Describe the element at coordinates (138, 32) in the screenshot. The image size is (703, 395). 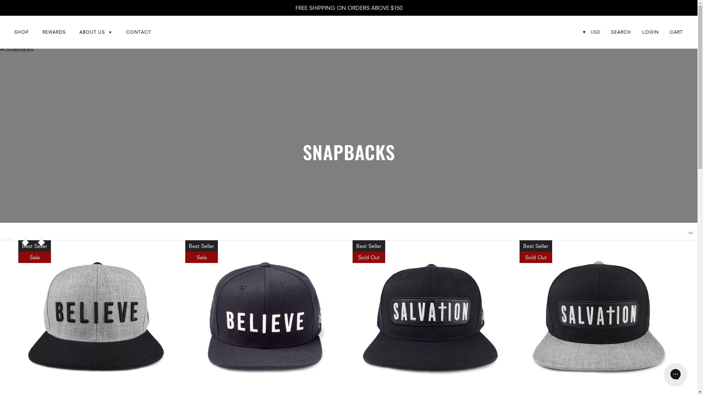
I see `'CONTACT'` at that location.